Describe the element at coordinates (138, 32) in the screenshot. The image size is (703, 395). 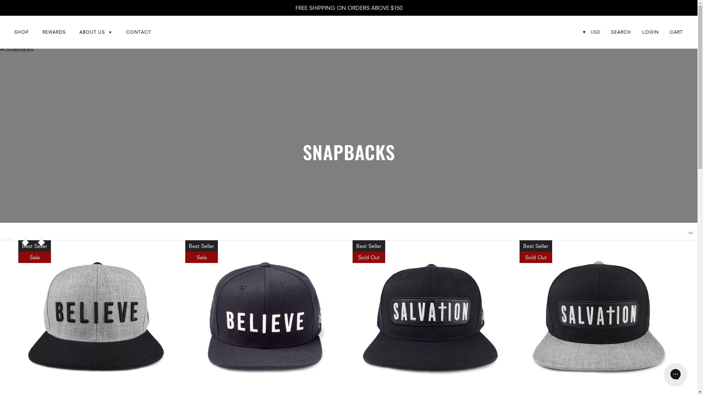
I see `'CONTACT'` at that location.